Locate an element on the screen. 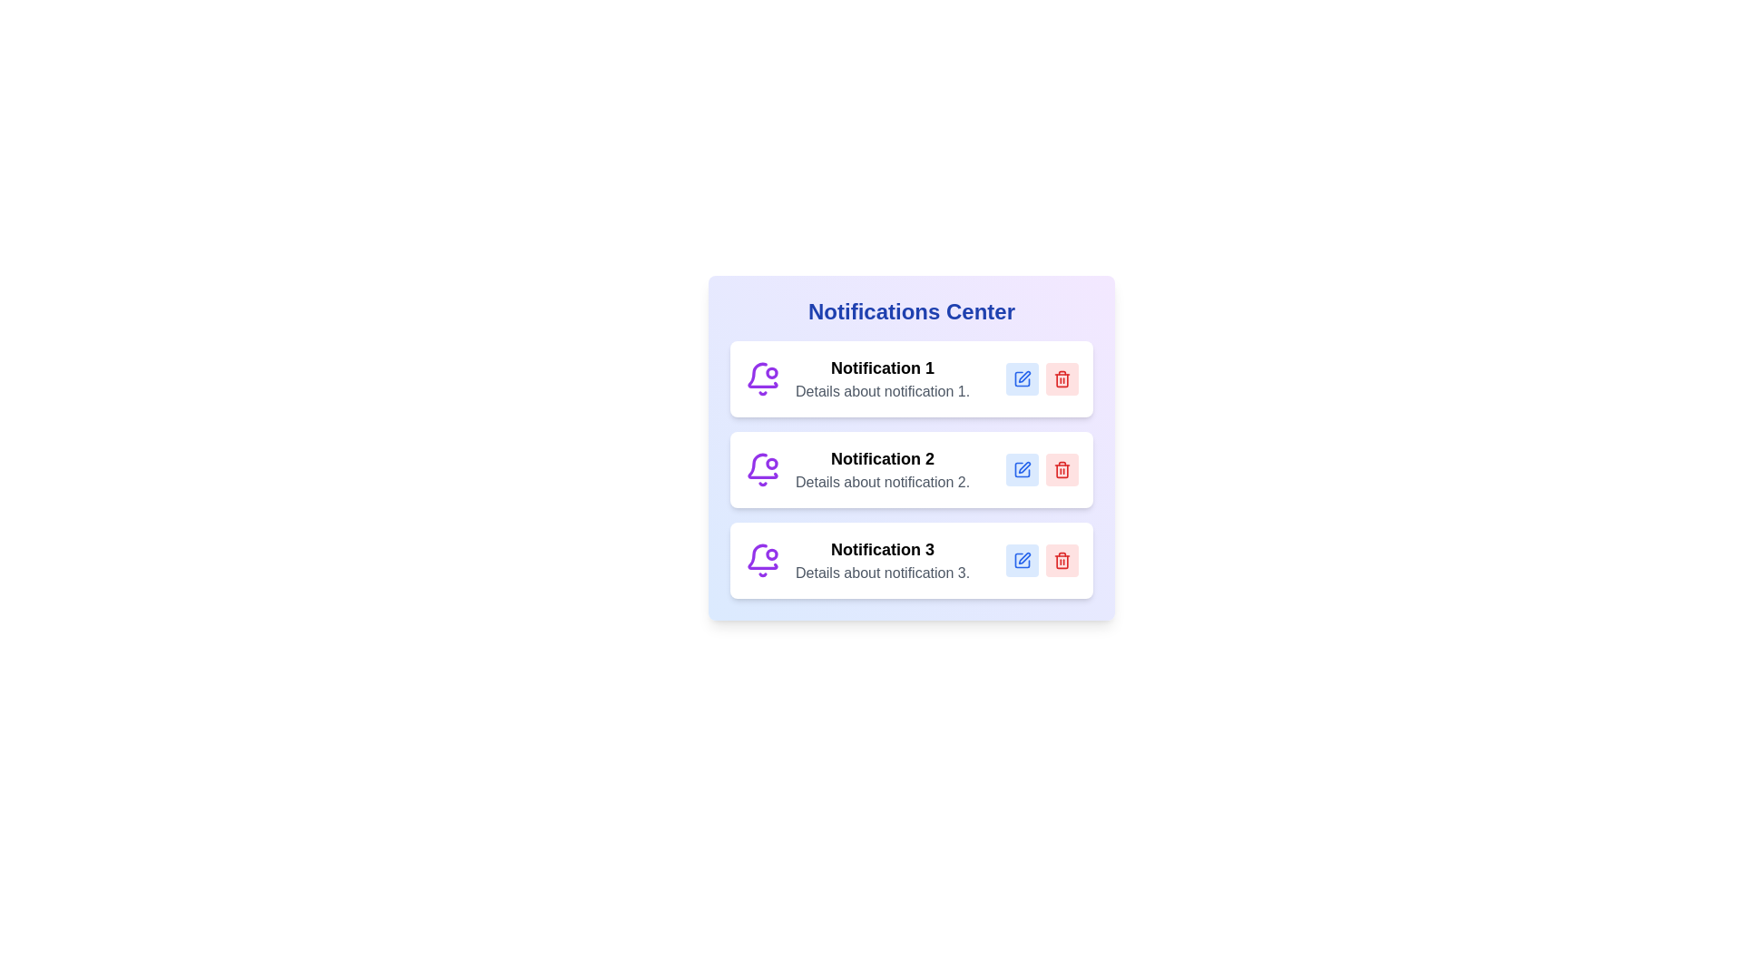 The width and height of the screenshot is (1742, 980). the red trash/delete icon located in the action button group of the second notification card is located at coordinates (1062, 468).